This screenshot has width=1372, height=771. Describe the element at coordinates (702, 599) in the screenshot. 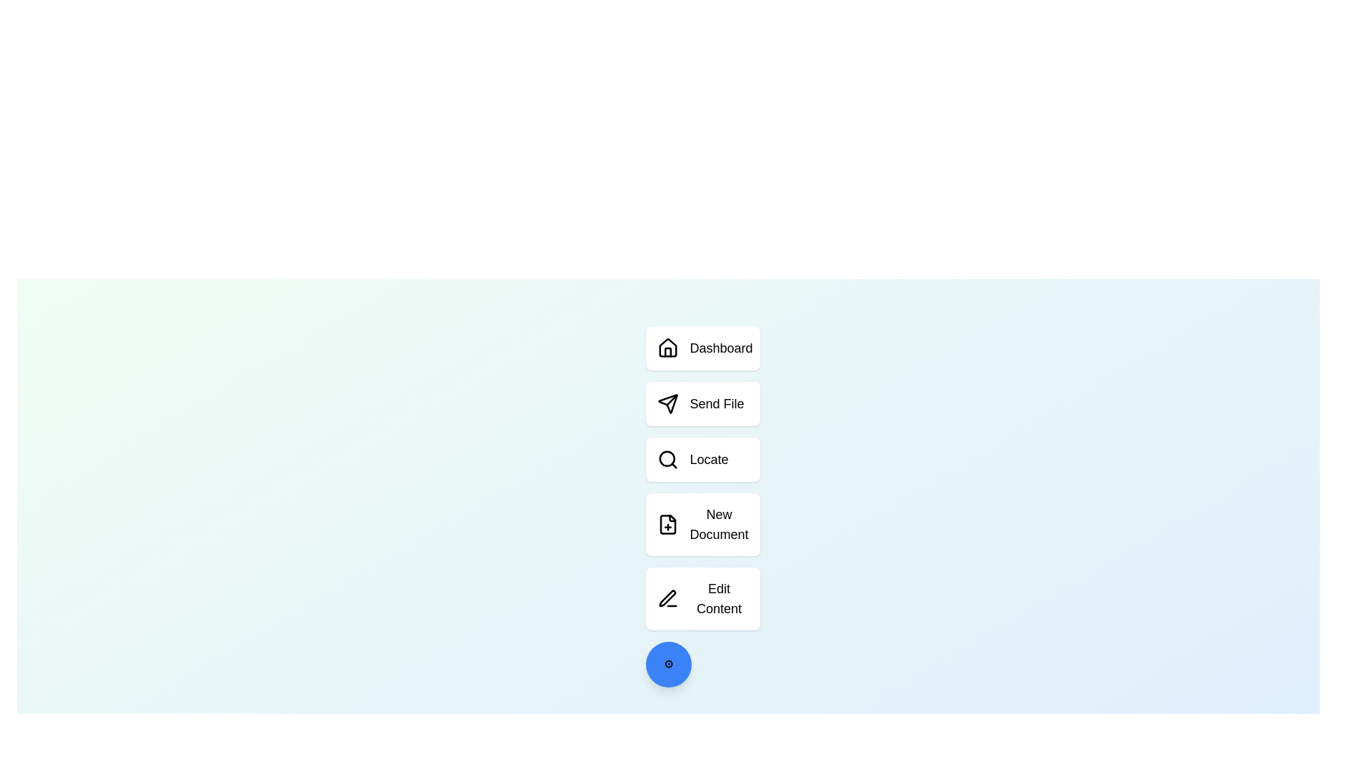

I see `the action Edit Content to see visual feedback` at that location.